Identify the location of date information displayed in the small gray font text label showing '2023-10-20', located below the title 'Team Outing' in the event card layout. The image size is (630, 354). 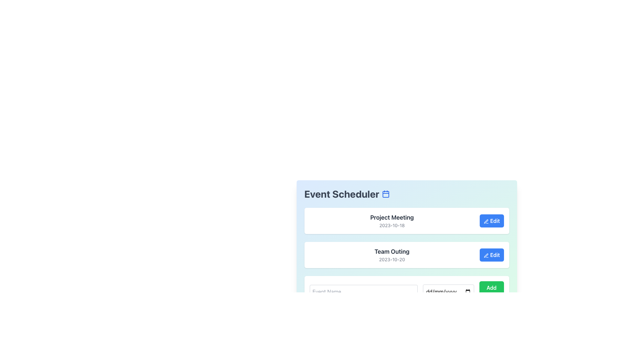
(392, 259).